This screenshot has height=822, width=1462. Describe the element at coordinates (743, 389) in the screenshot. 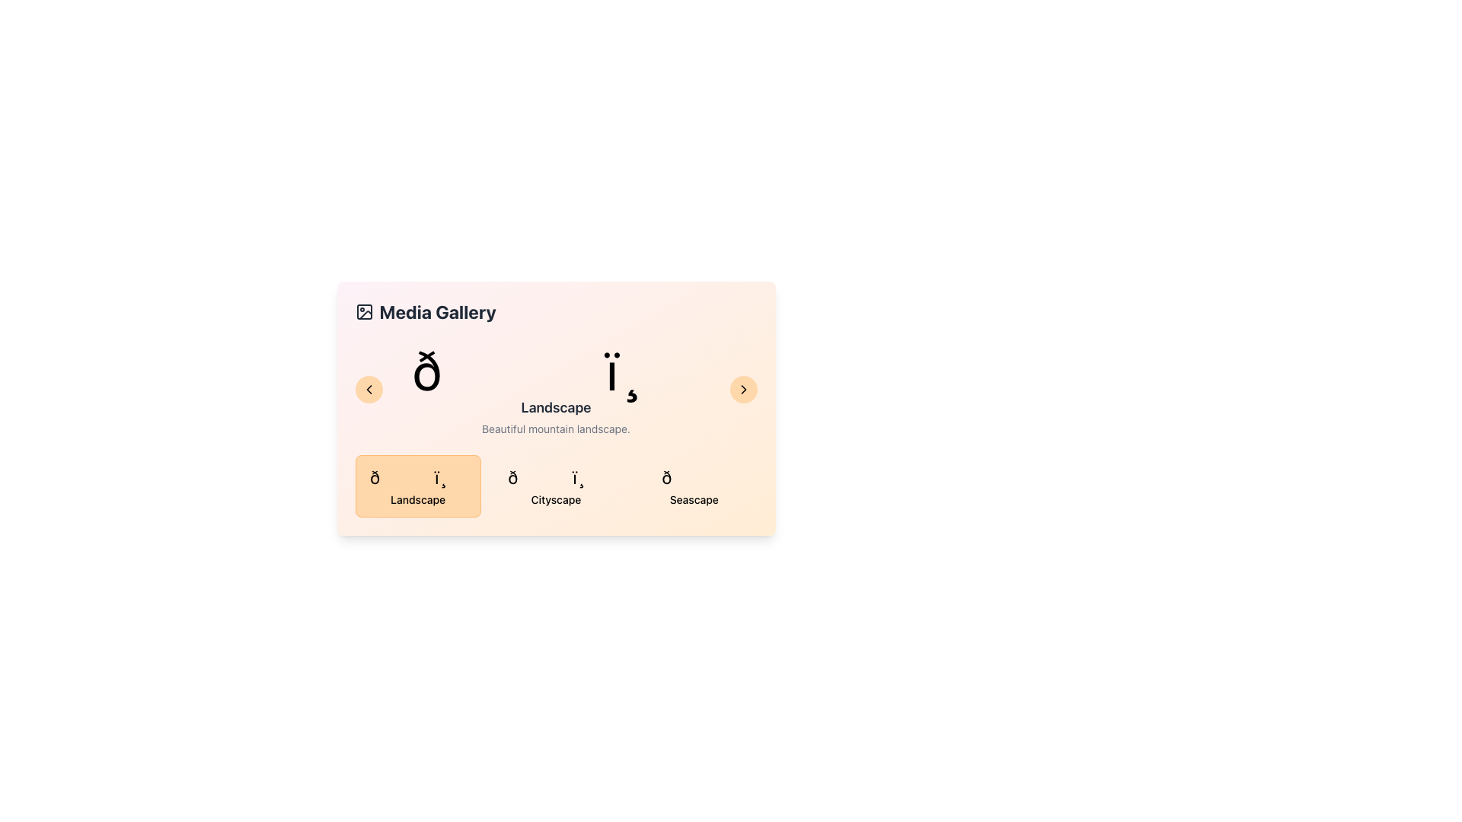

I see `the chevron icon embedded in the orange circular button located at the top-right corner of the card interface` at that location.